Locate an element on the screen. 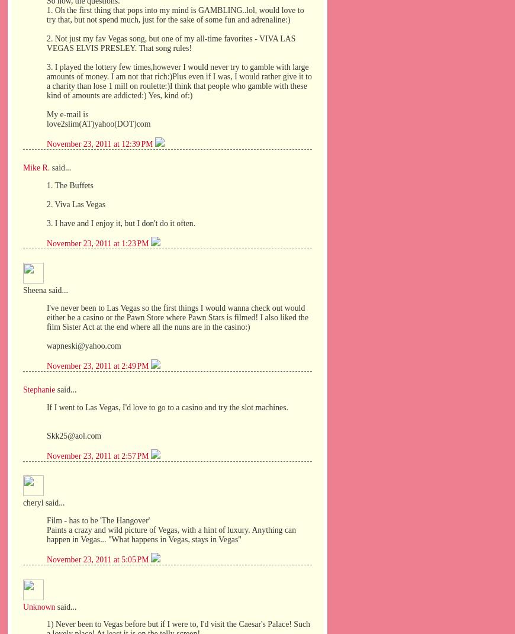 The height and width of the screenshot is (634, 515). 'Film - has to be 'The Hangover'' is located at coordinates (97, 520).